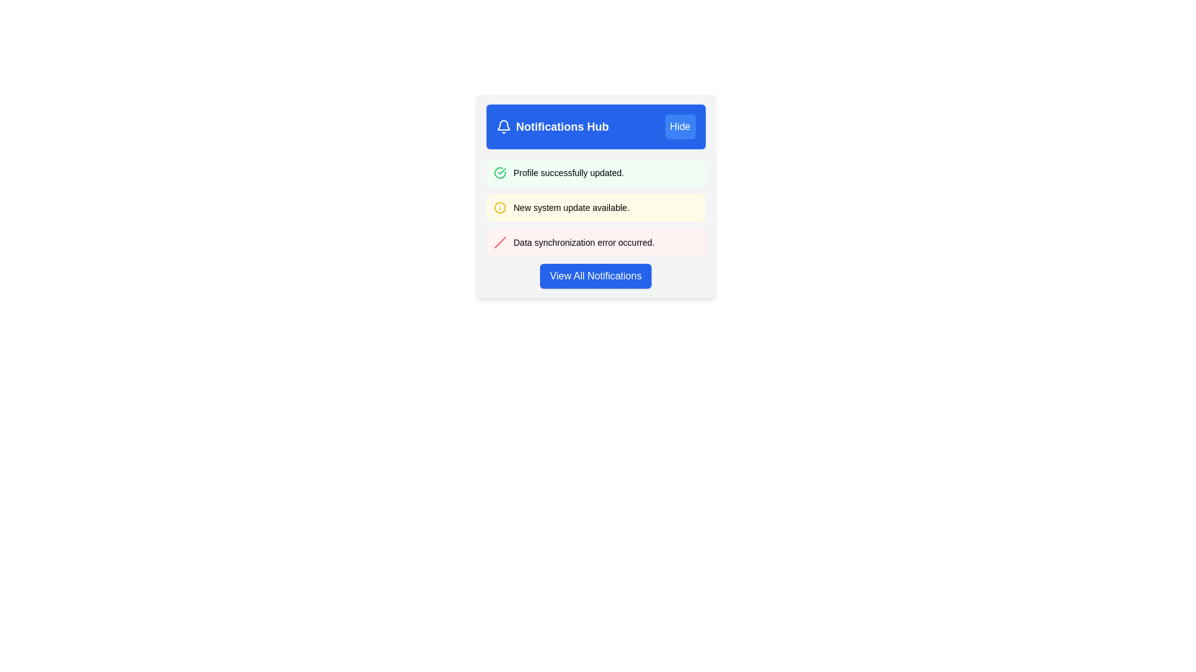 The image size is (1196, 672). What do you see at coordinates (595, 172) in the screenshot?
I see `notification message indicating that the user's profile has been successfully updated, which is the first notification in the Notifications Hub` at bounding box center [595, 172].